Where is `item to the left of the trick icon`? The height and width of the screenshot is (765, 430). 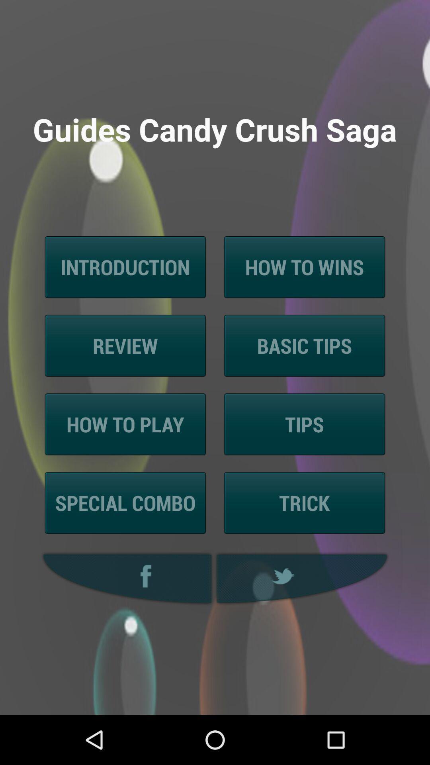
item to the left of the trick icon is located at coordinates (125, 502).